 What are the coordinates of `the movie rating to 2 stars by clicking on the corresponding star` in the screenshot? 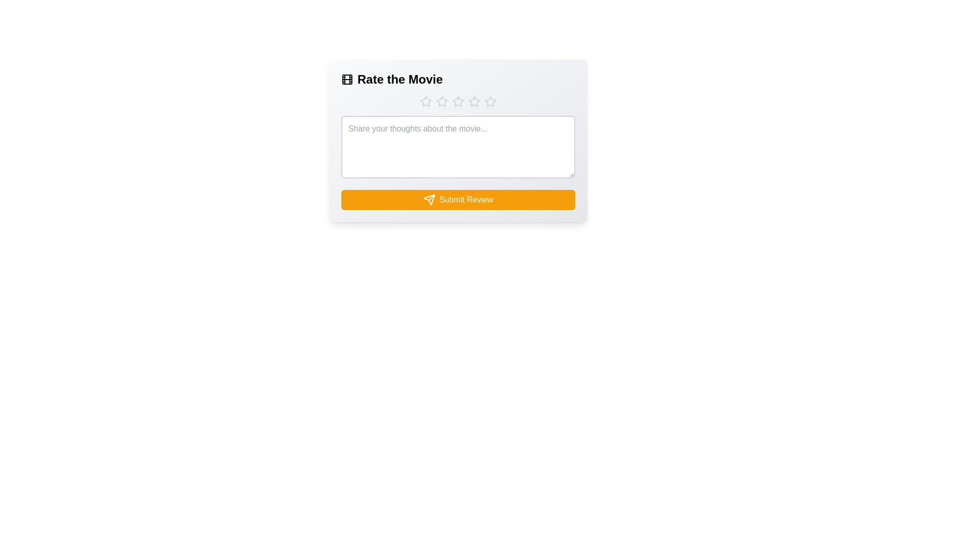 It's located at (442, 101).